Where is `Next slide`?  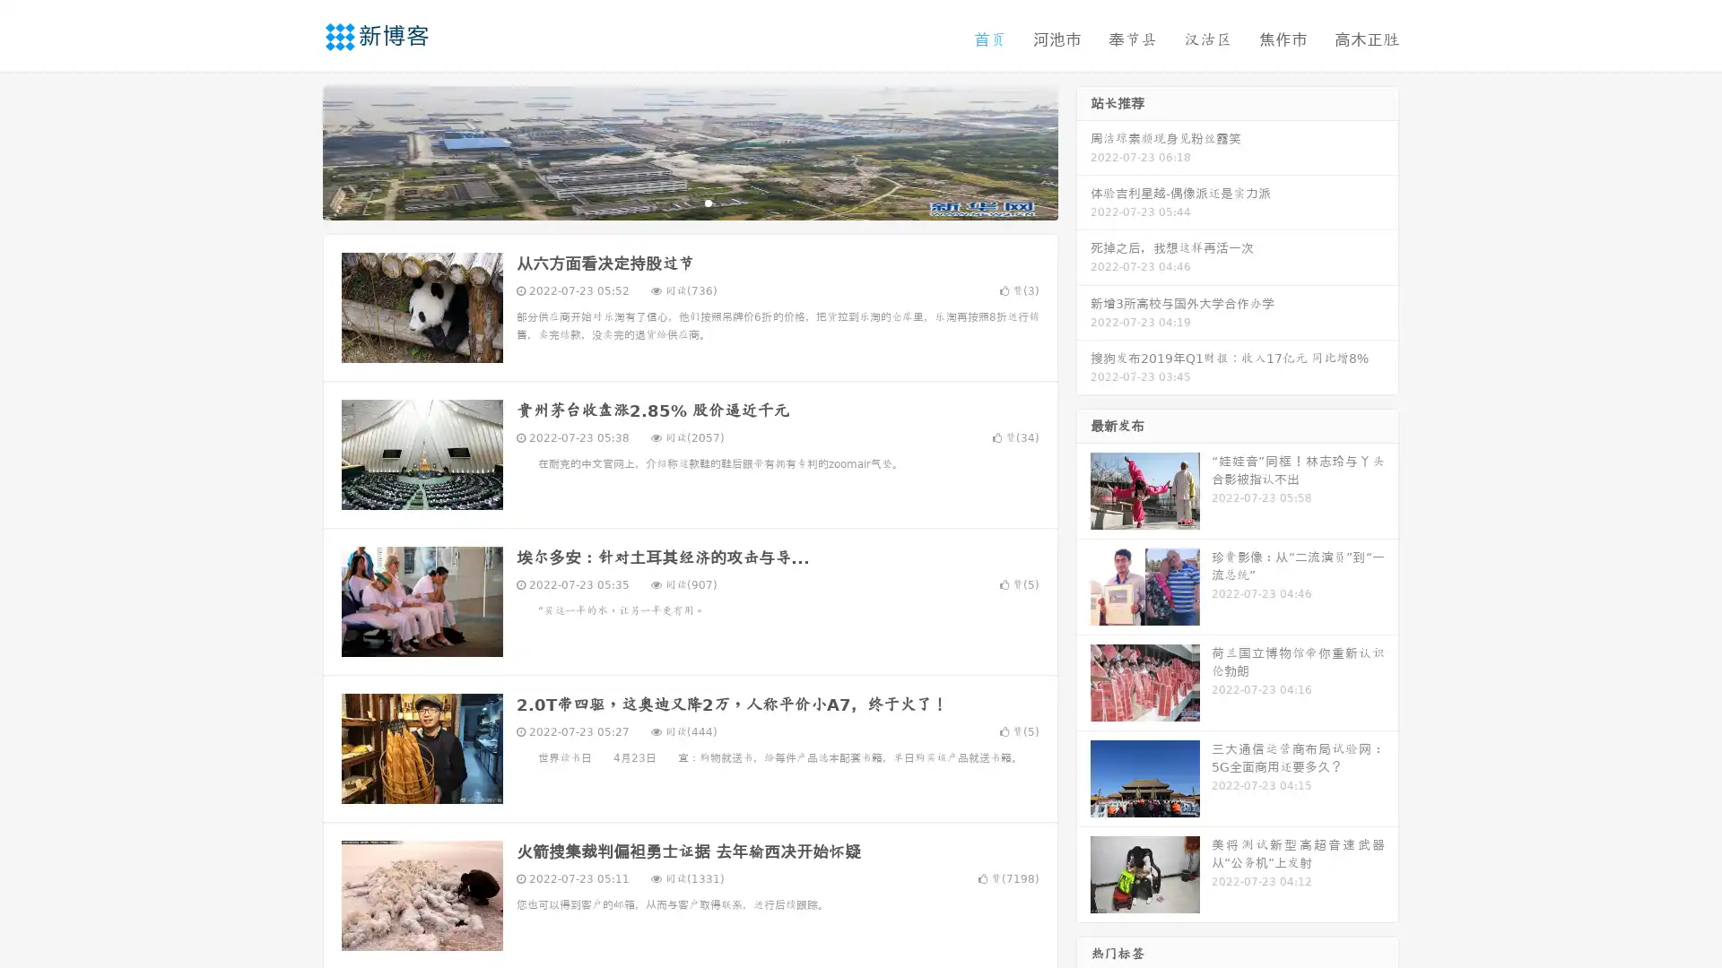 Next slide is located at coordinates (1083, 151).